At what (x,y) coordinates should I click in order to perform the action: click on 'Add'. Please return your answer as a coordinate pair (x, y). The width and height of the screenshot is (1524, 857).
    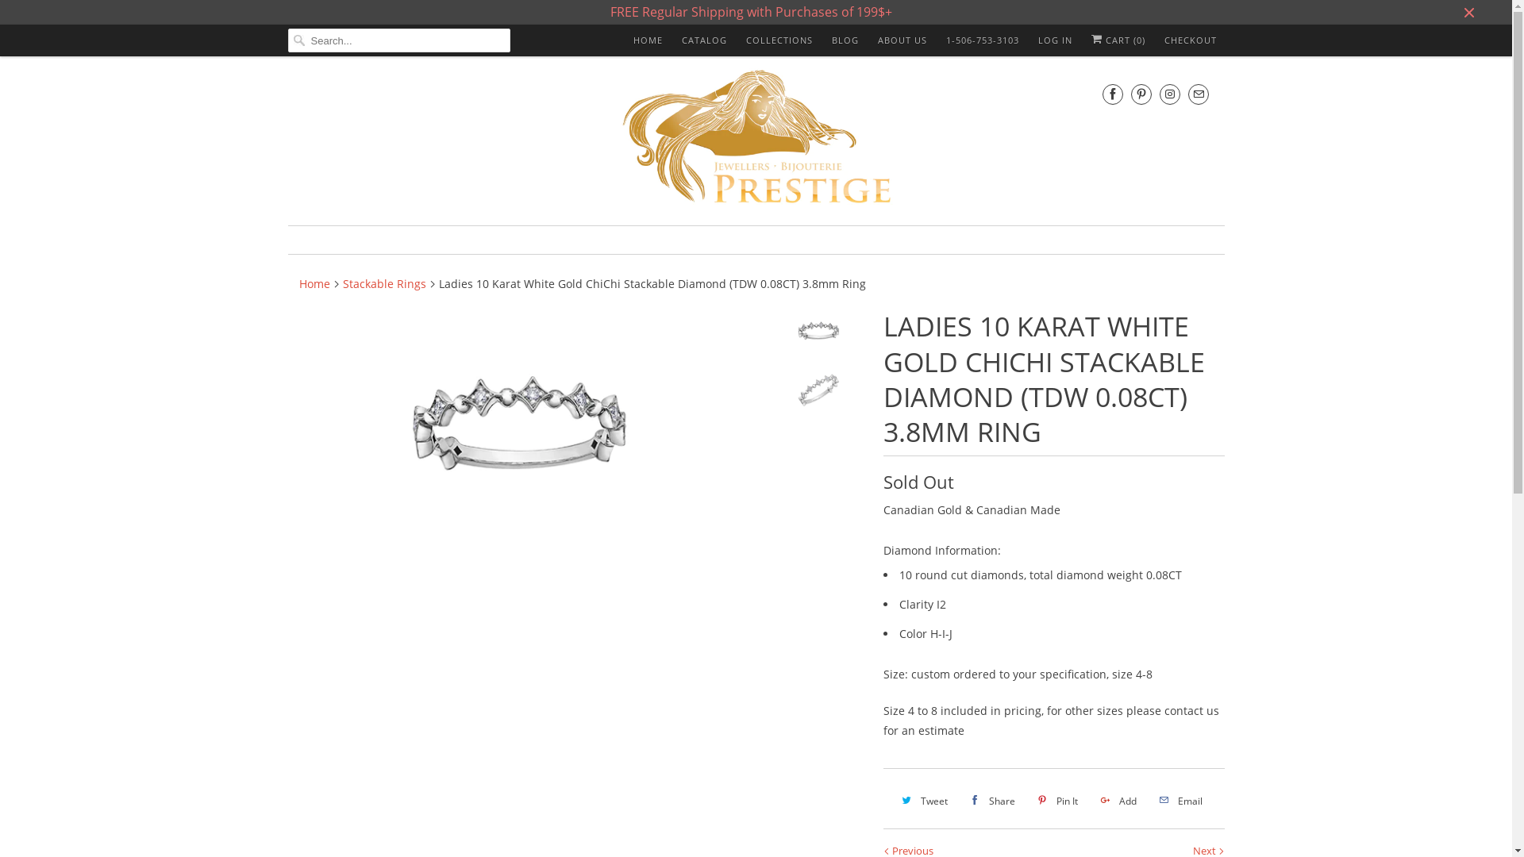
    Looking at the image, I should click on (1115, 801).